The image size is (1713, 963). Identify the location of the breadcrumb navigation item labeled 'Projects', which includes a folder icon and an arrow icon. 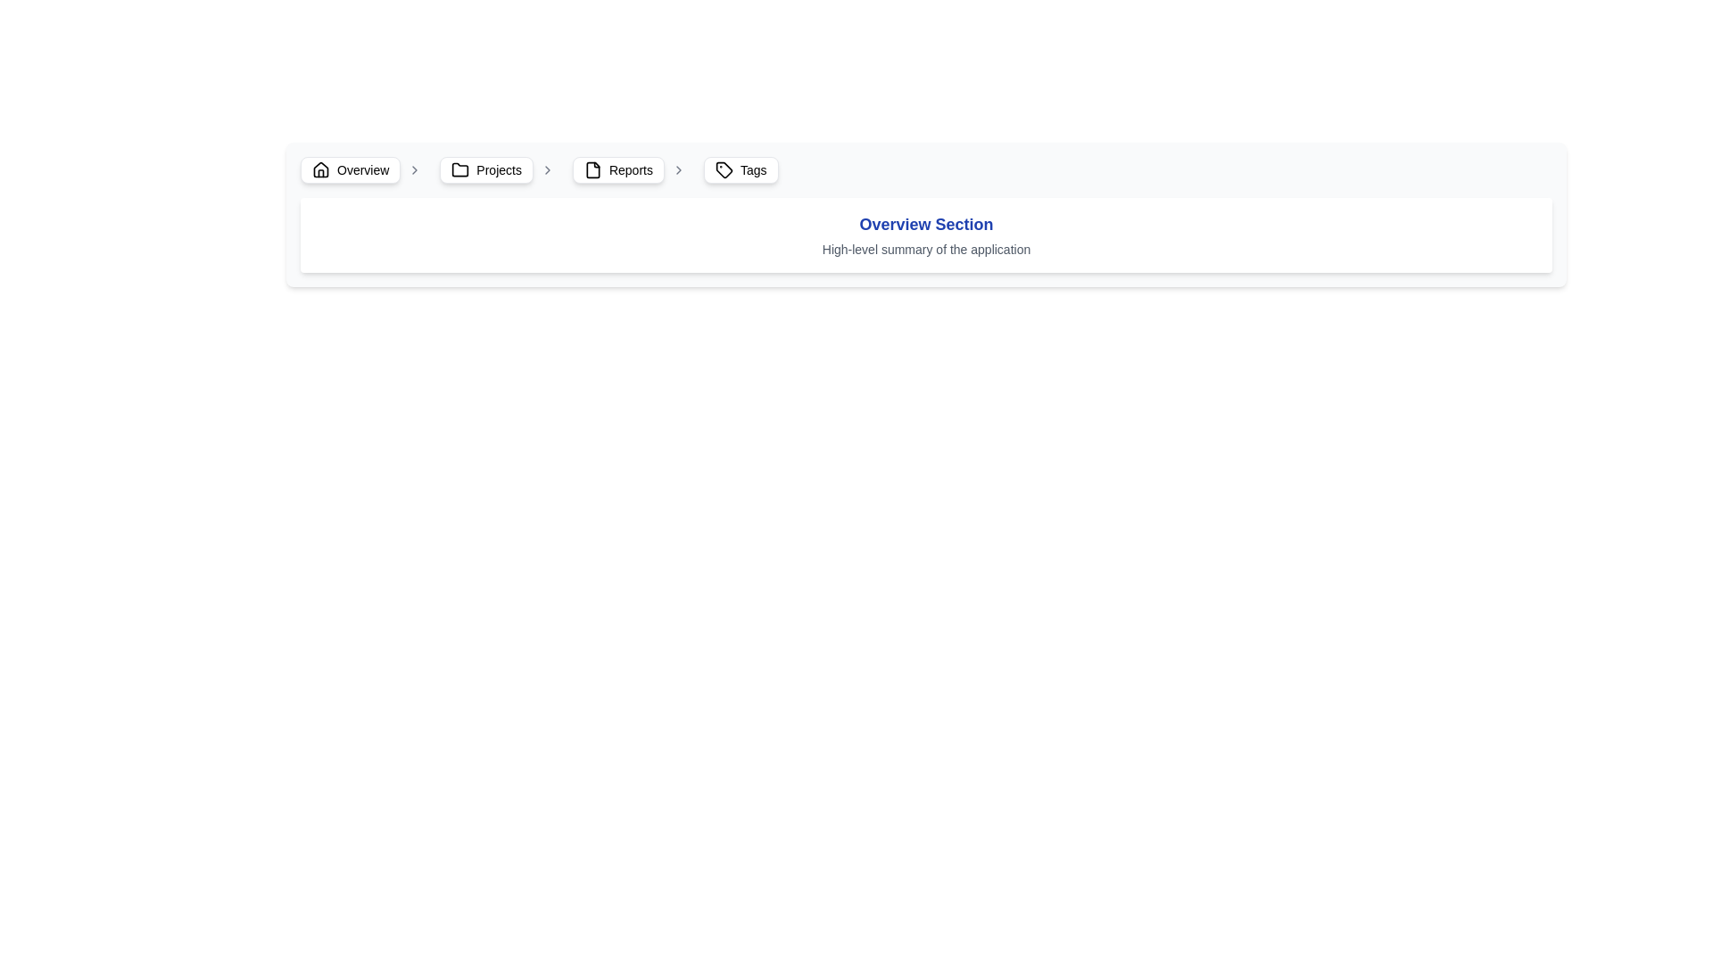
(500, 170).